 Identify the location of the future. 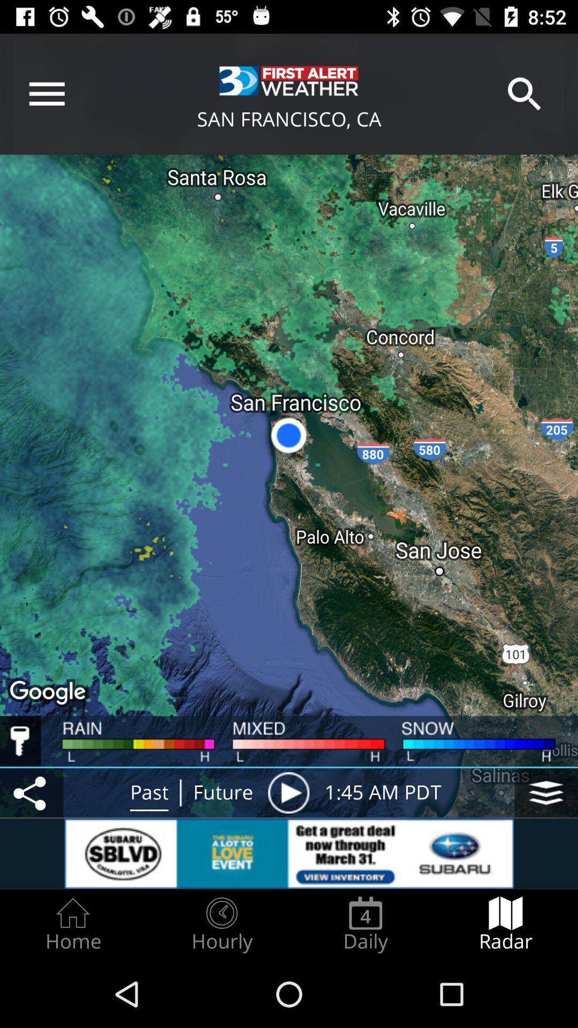
(222, 793).